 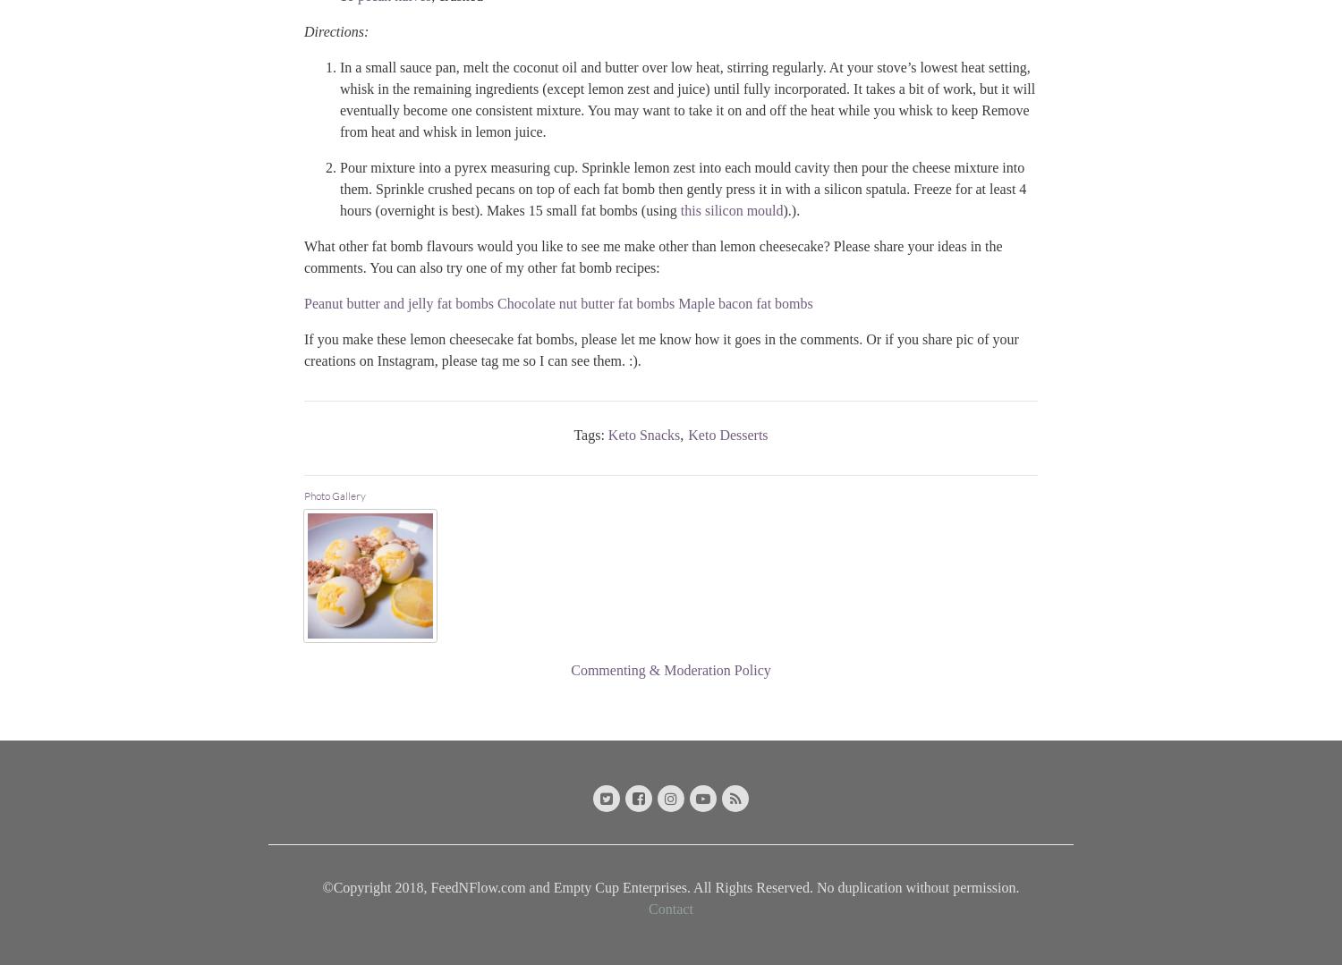 What do you see at coordinates (791, 208) in the screenshot?
I see `').).'` at bounding box center [791, 208].